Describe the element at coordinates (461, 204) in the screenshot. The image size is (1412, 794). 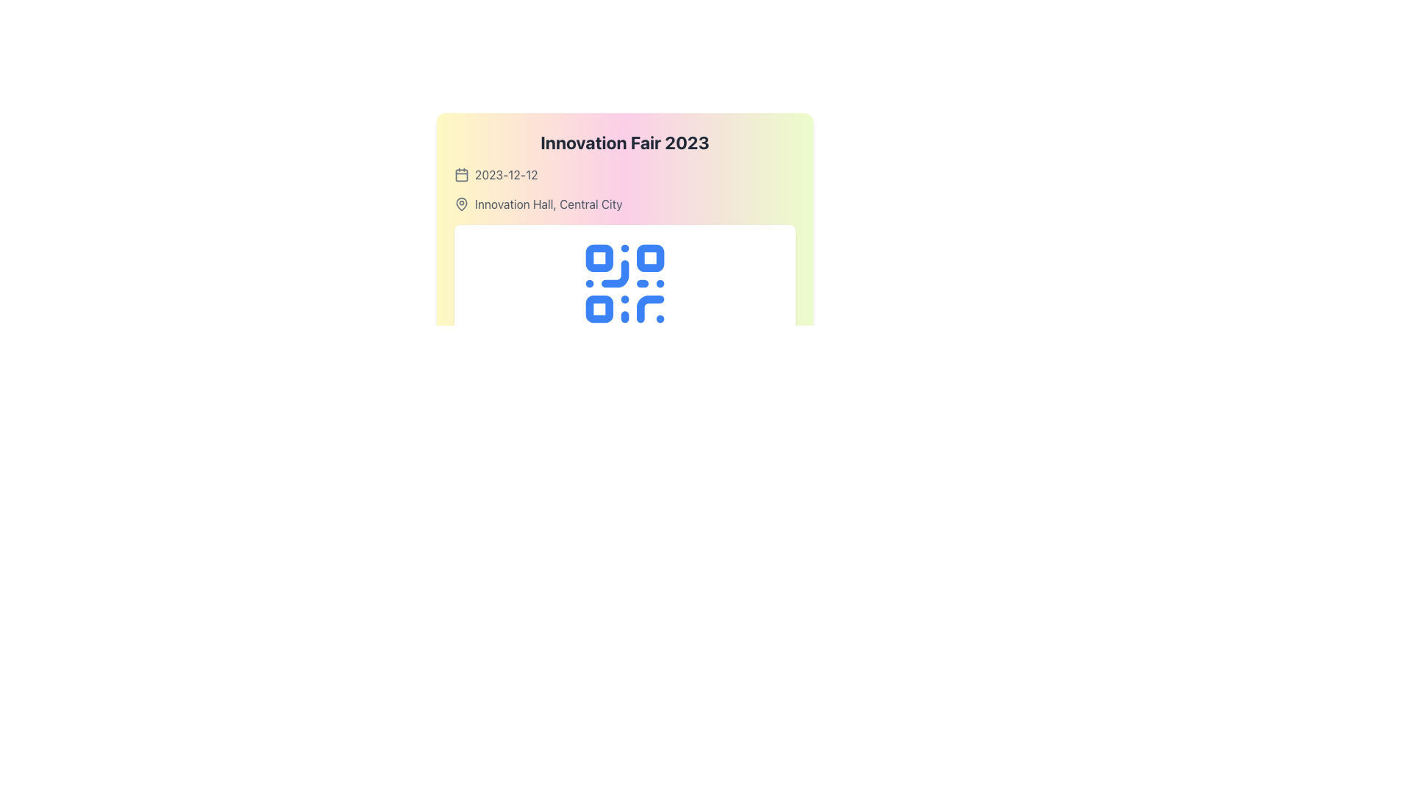
I see `the decorative vector graphic representing a location pin, which is located to the left of the text 'Innovation Hall, Central City.'` at that location.